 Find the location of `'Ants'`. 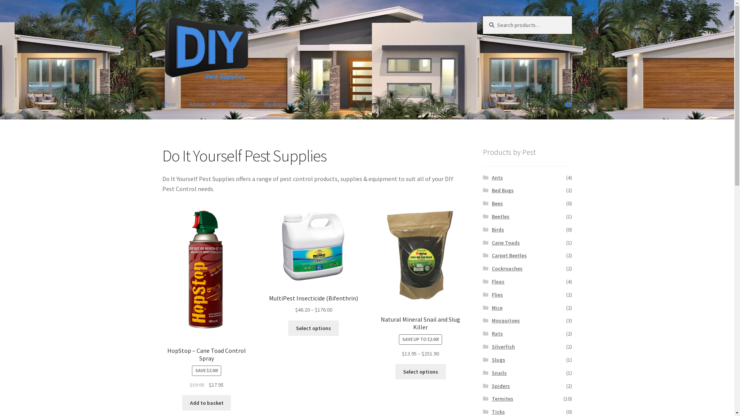

'Ants' is located at coordinates (497, 178).